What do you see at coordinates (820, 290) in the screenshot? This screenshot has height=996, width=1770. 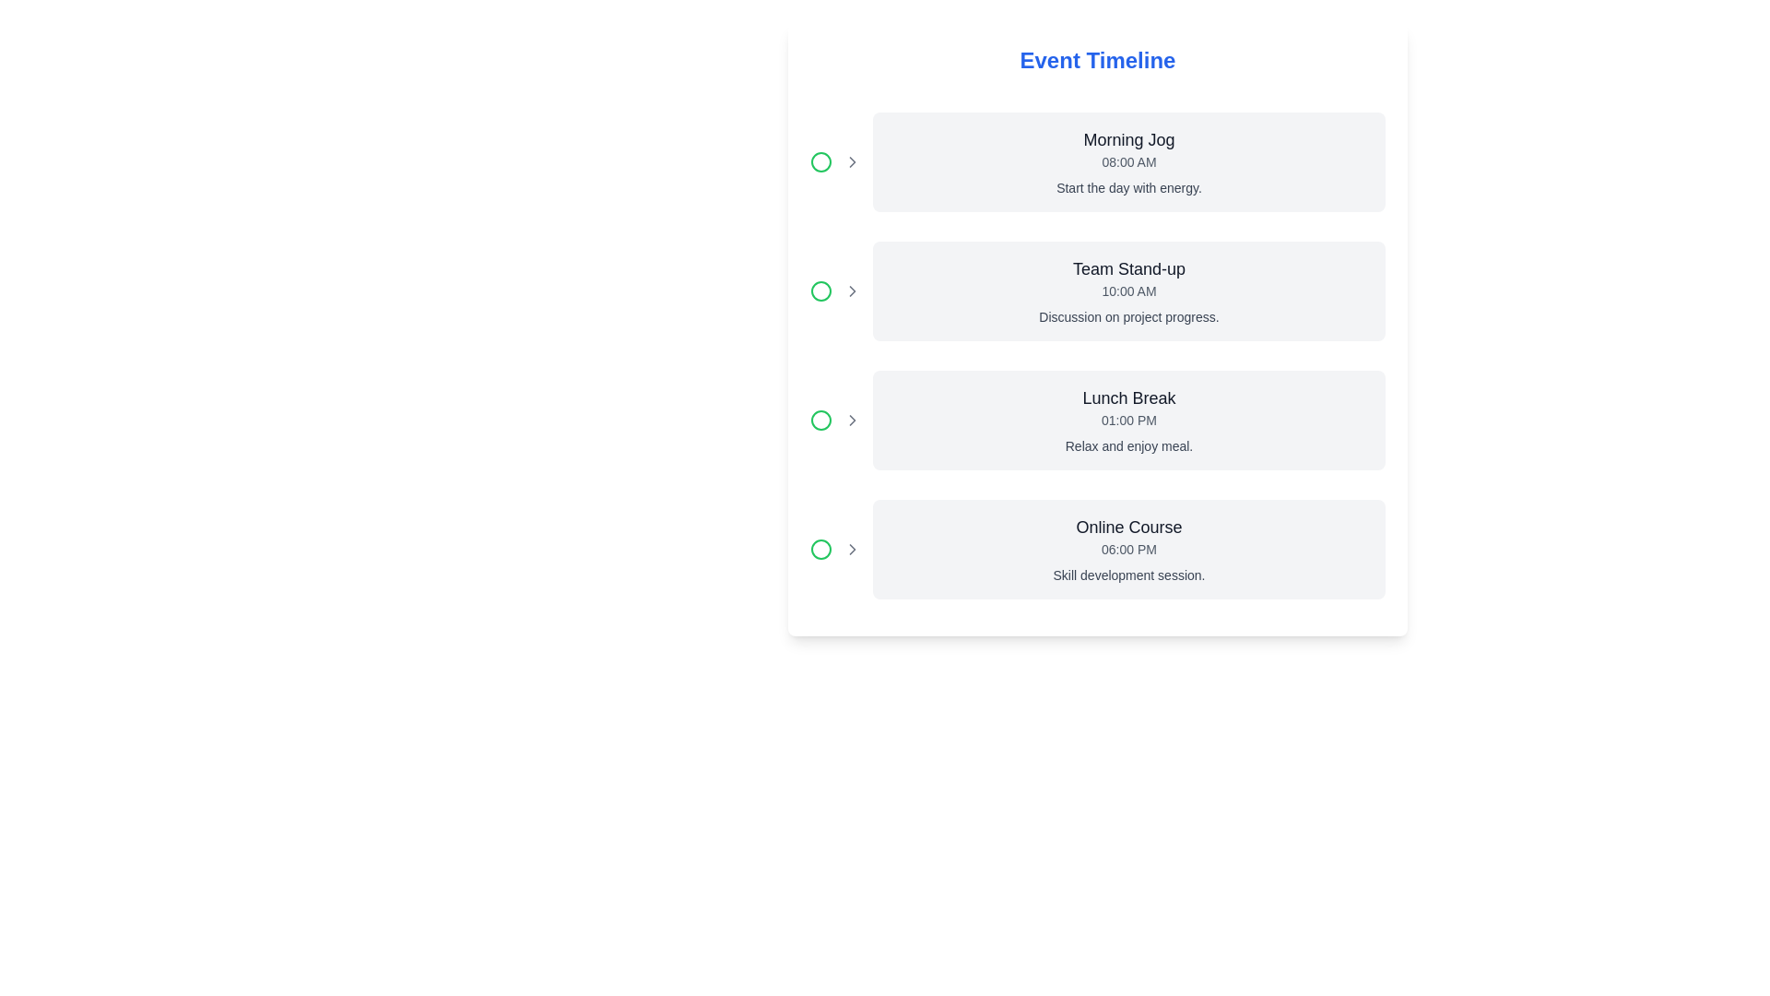 I see `the circular icon with a green outline located to the left of the 'Team Stand-up' text in the event timeline interface` at bounding box center [820, 290].